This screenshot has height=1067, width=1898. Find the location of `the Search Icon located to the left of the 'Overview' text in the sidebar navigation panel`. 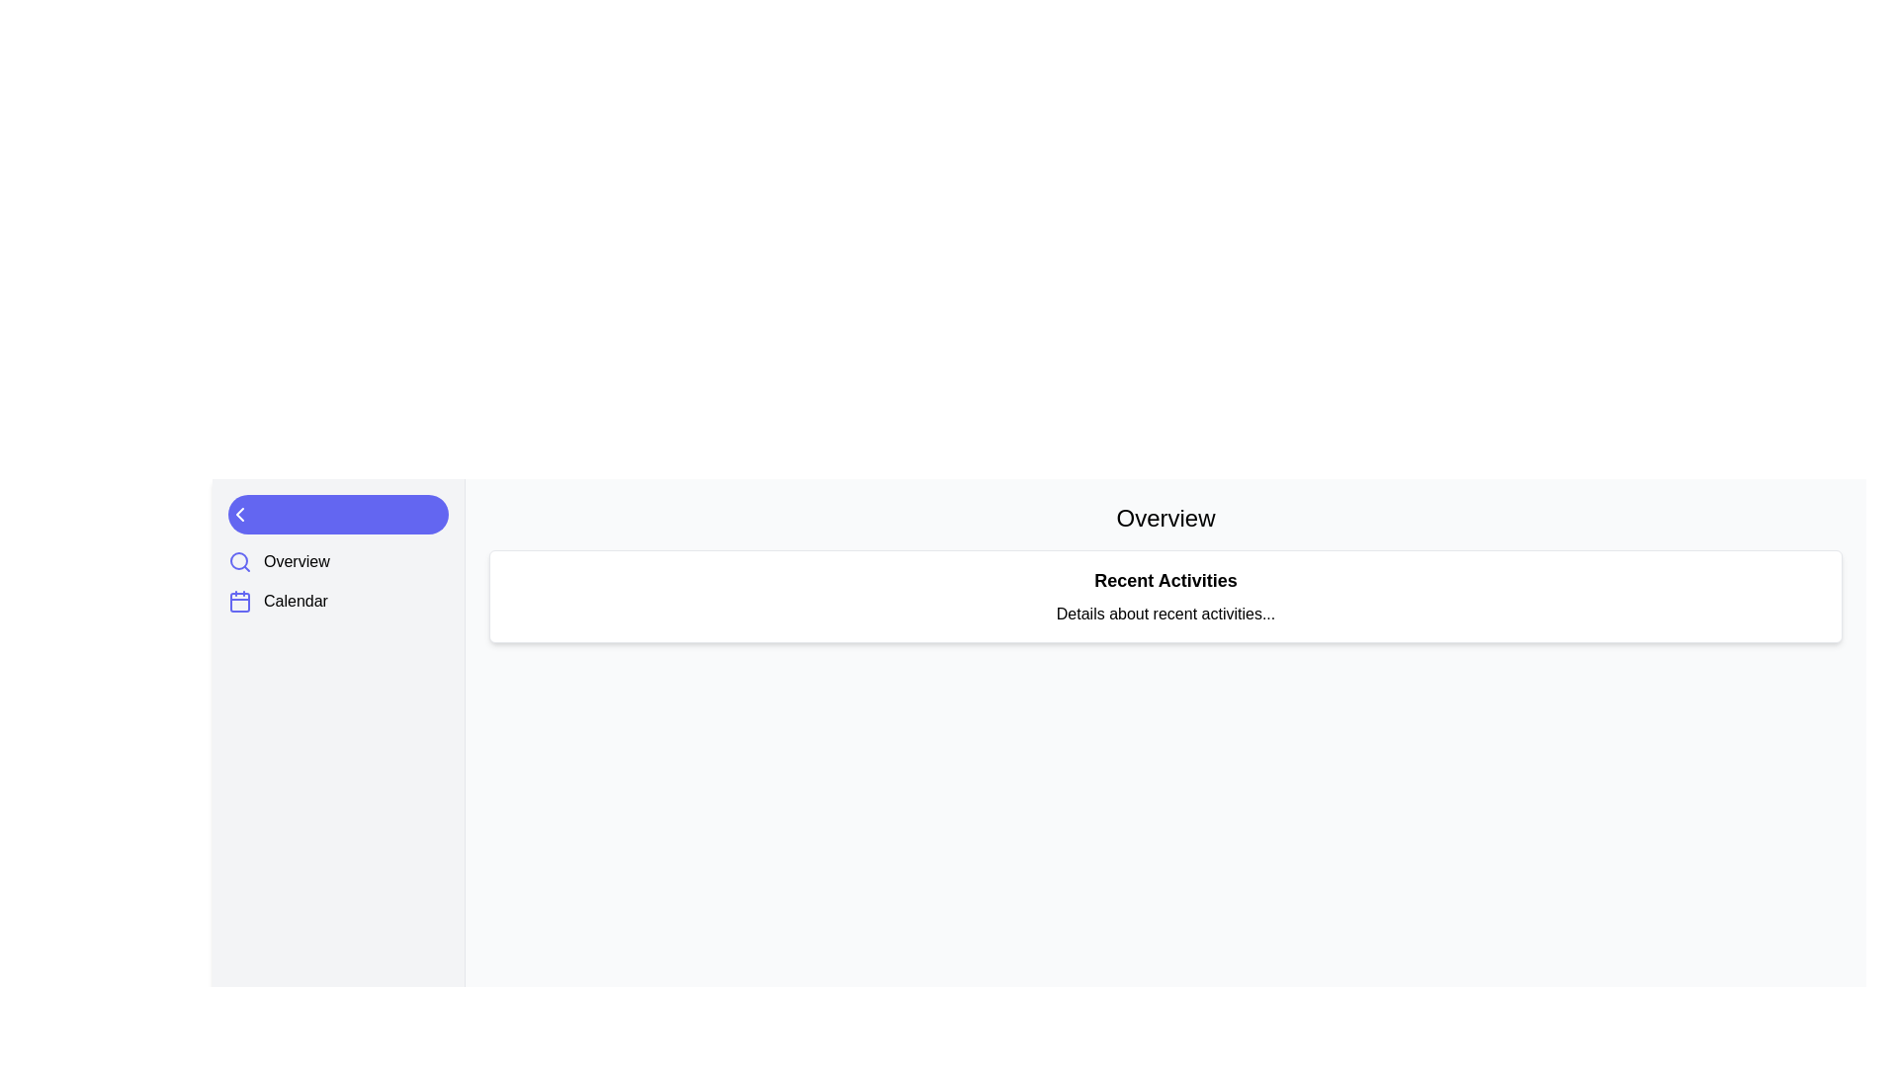

the Search Icon located to the left of the 'Overview' text in the sidebar navigation panel is located at coordinates (239, 562).